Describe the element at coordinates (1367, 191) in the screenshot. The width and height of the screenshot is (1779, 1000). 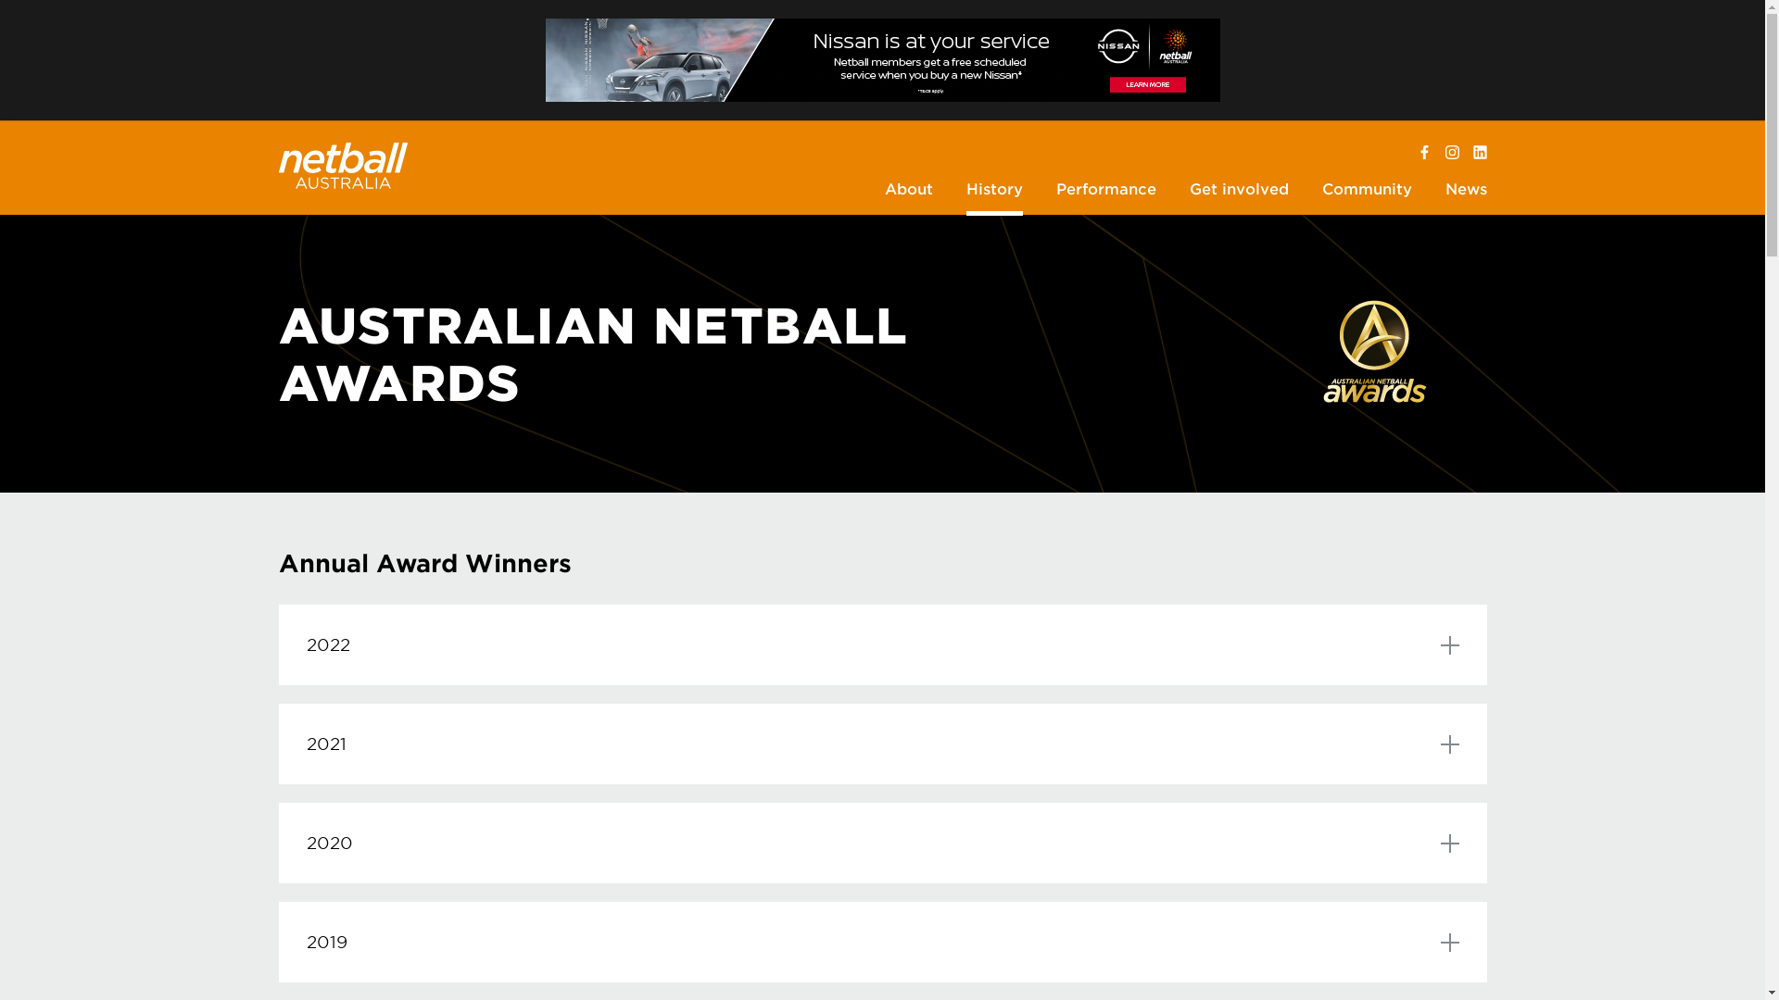
I see `'Community'` at that location.